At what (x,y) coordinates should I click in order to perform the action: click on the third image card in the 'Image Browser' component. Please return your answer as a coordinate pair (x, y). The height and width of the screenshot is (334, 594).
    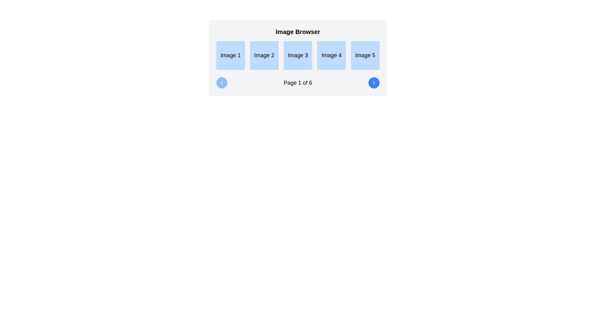
    Looking at the image, I should click on (298, 58).